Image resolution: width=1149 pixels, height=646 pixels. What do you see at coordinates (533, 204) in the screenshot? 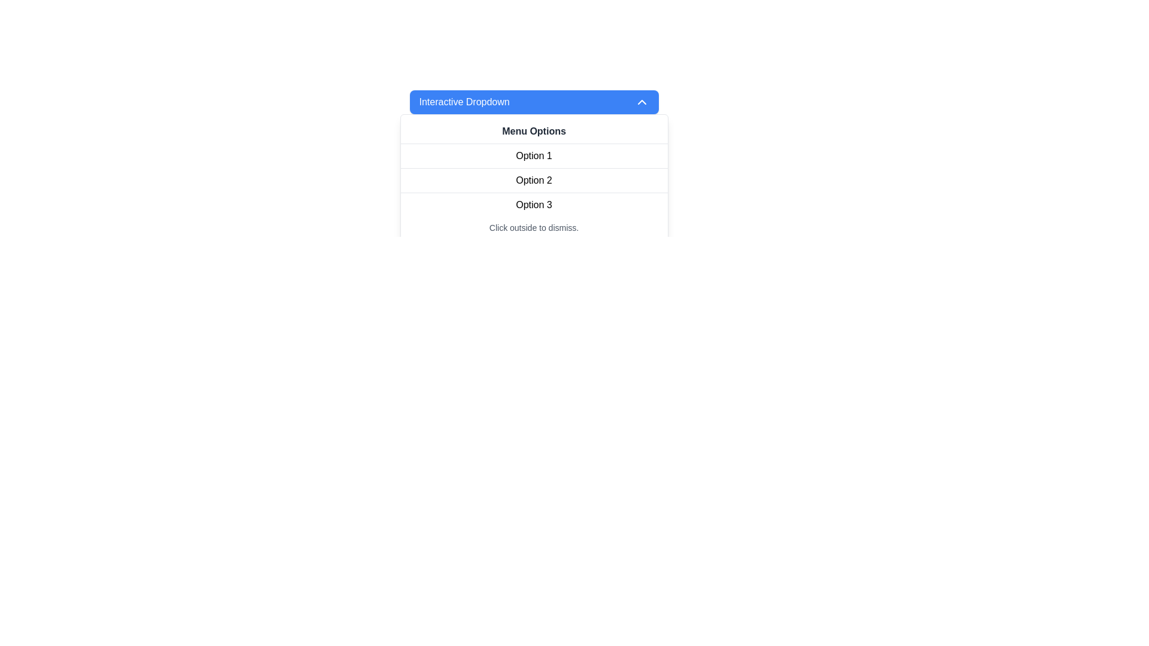
I see `the 'Option 3' text item in the dropdown menu` at bounding box center [533, 204].